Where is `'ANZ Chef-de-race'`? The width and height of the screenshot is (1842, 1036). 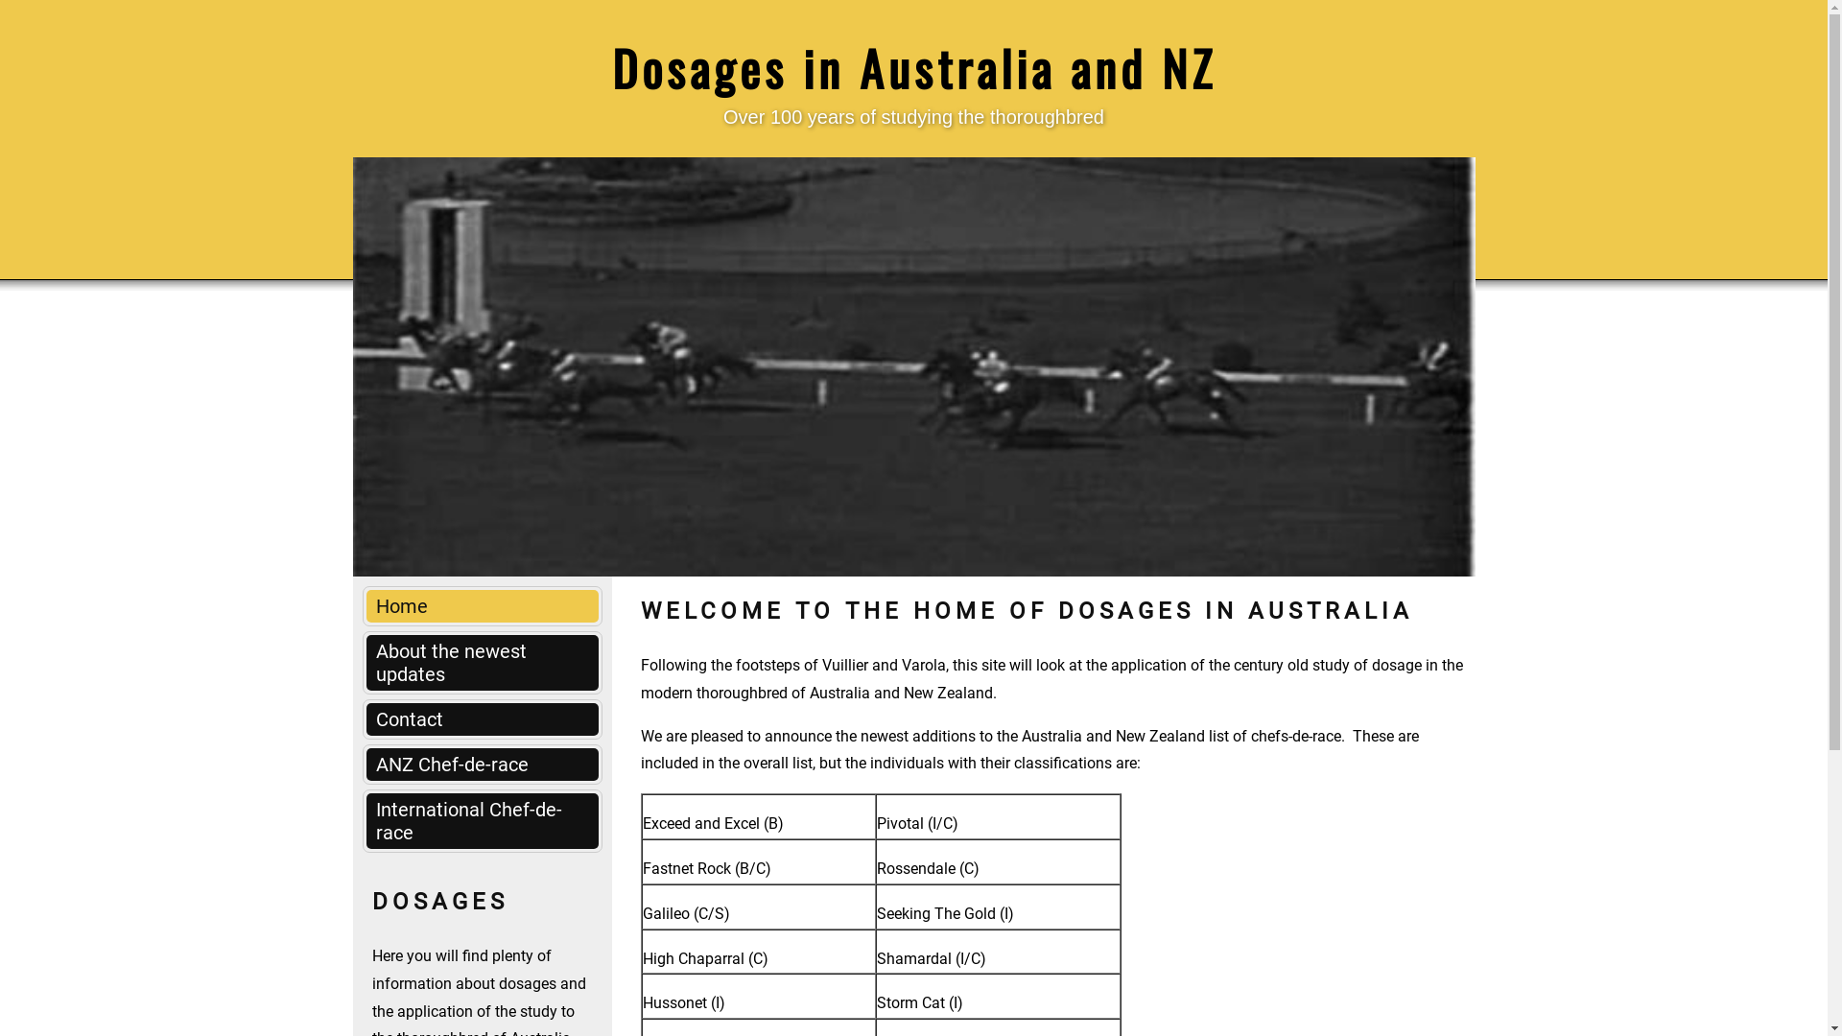
'ANZ Chef-de-race' is located at coordinates (483, 764).